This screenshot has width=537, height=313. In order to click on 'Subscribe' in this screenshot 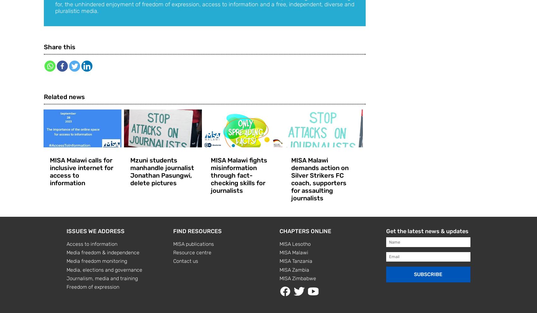, I will do `click(414, 274)`.